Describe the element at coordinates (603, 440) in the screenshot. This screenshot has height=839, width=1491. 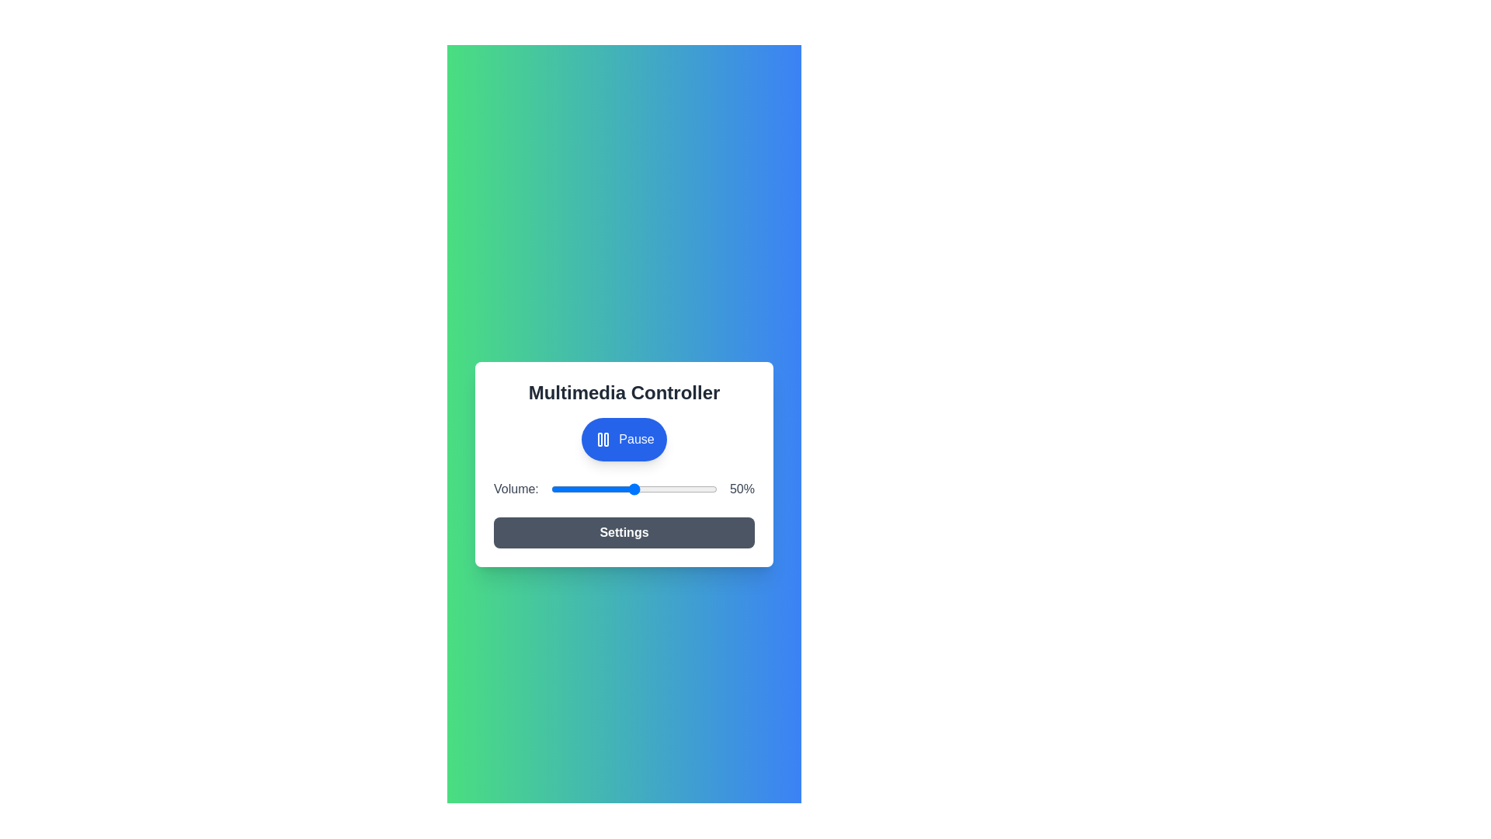
I see `the pause icon, which is represented by two vertical bars in a white color on a blue circular background` at that location.